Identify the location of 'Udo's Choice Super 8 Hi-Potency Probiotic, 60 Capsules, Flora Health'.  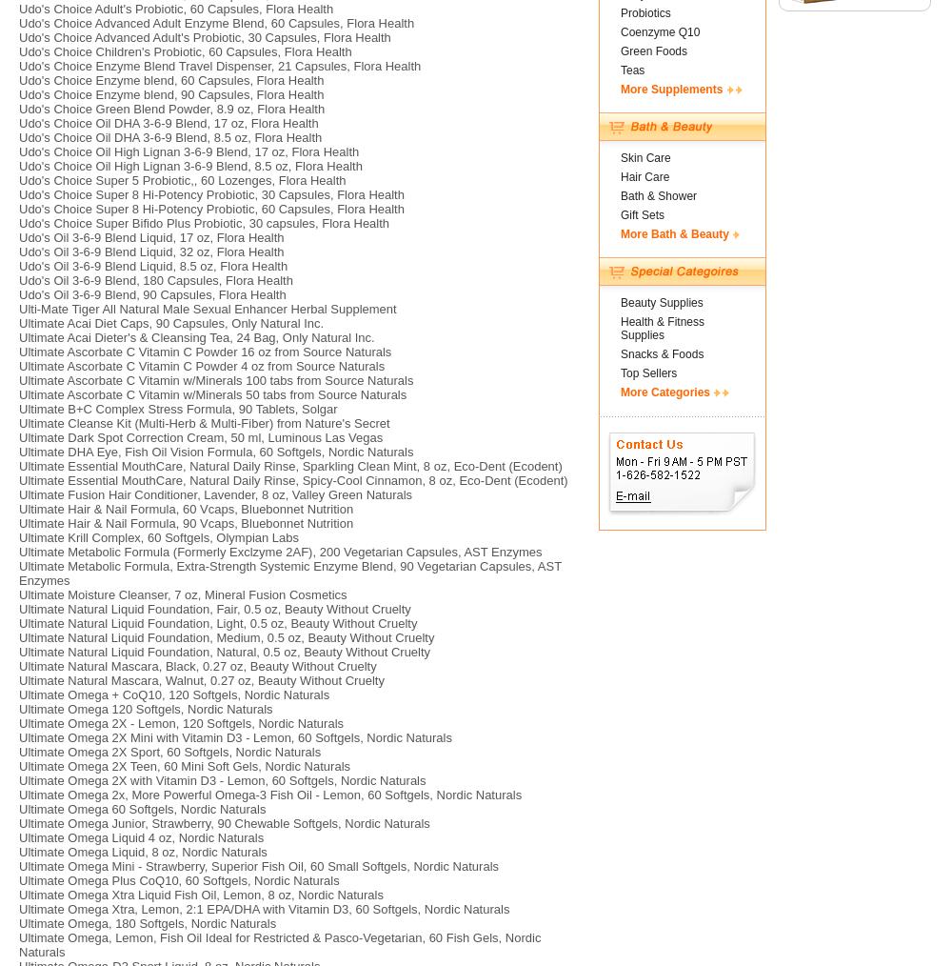
(210, 208).